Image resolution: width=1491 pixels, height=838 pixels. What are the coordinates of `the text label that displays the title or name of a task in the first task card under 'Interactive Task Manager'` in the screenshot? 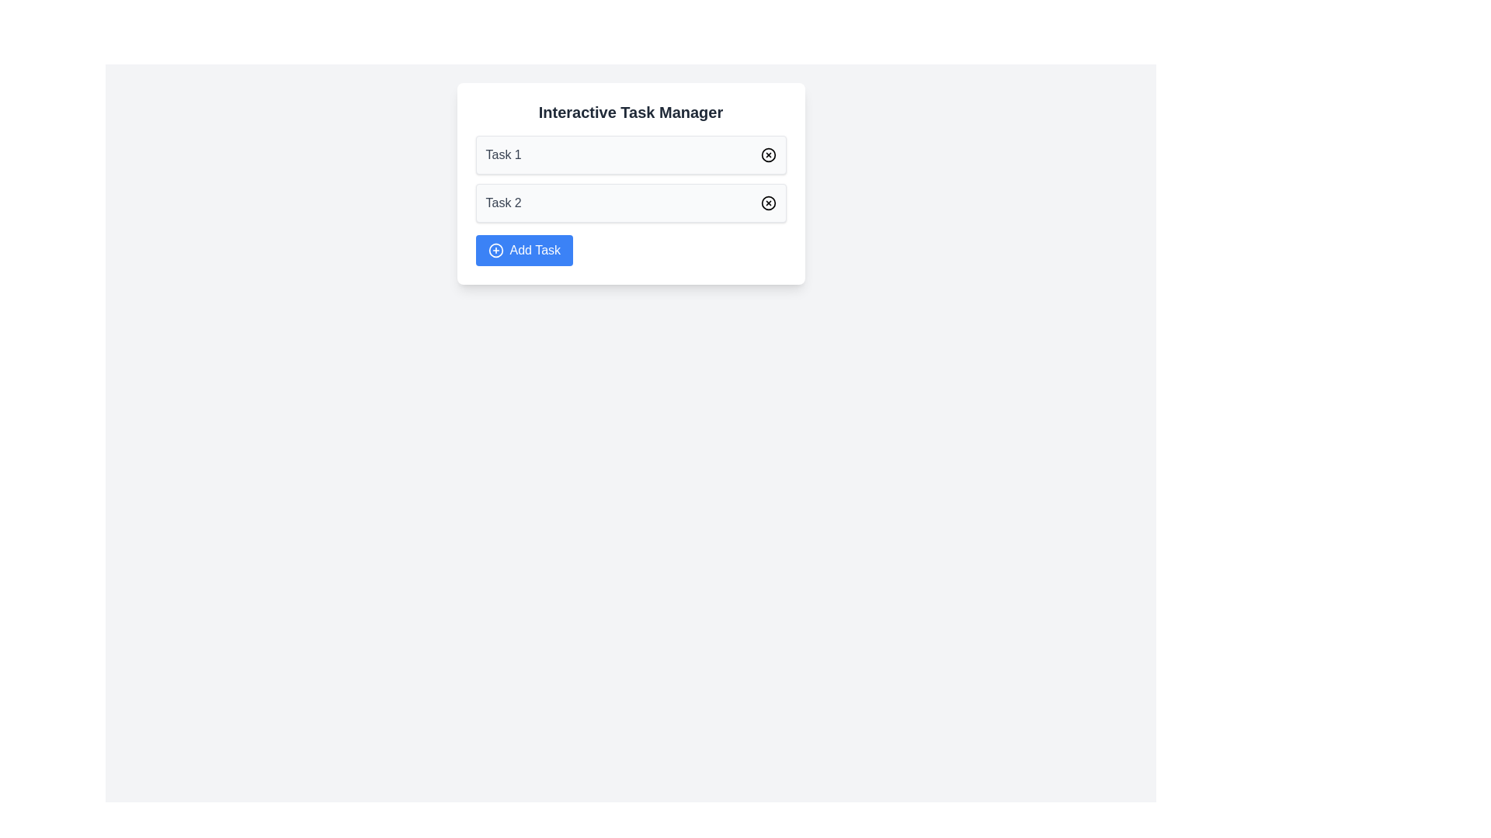 It's located at (503, 155).